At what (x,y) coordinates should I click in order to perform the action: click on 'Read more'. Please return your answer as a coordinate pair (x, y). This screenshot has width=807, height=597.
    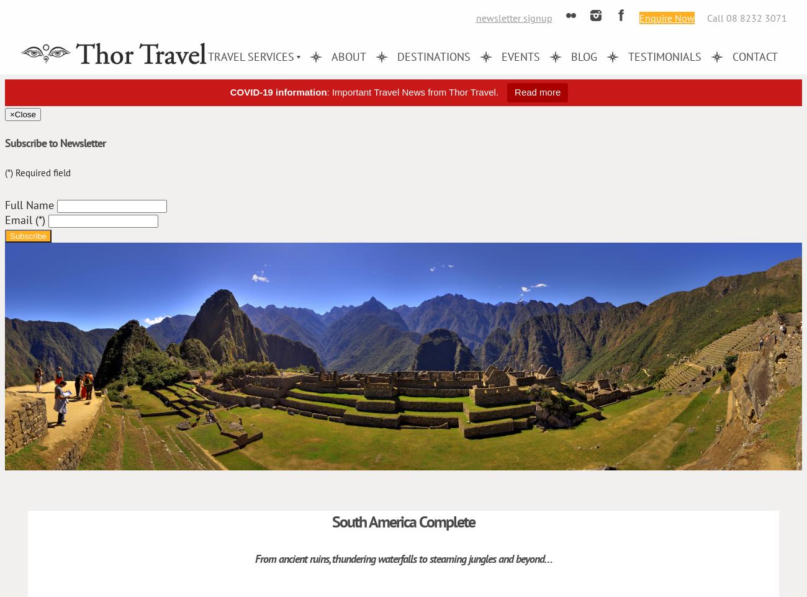
    Looking at the image, I should click on (538, 92).